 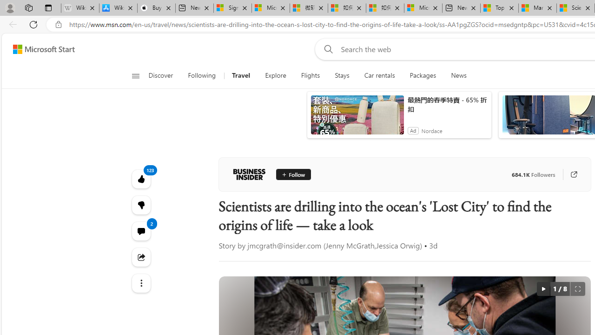 I want to click on 'Nordace', so click(x=431, y=130).